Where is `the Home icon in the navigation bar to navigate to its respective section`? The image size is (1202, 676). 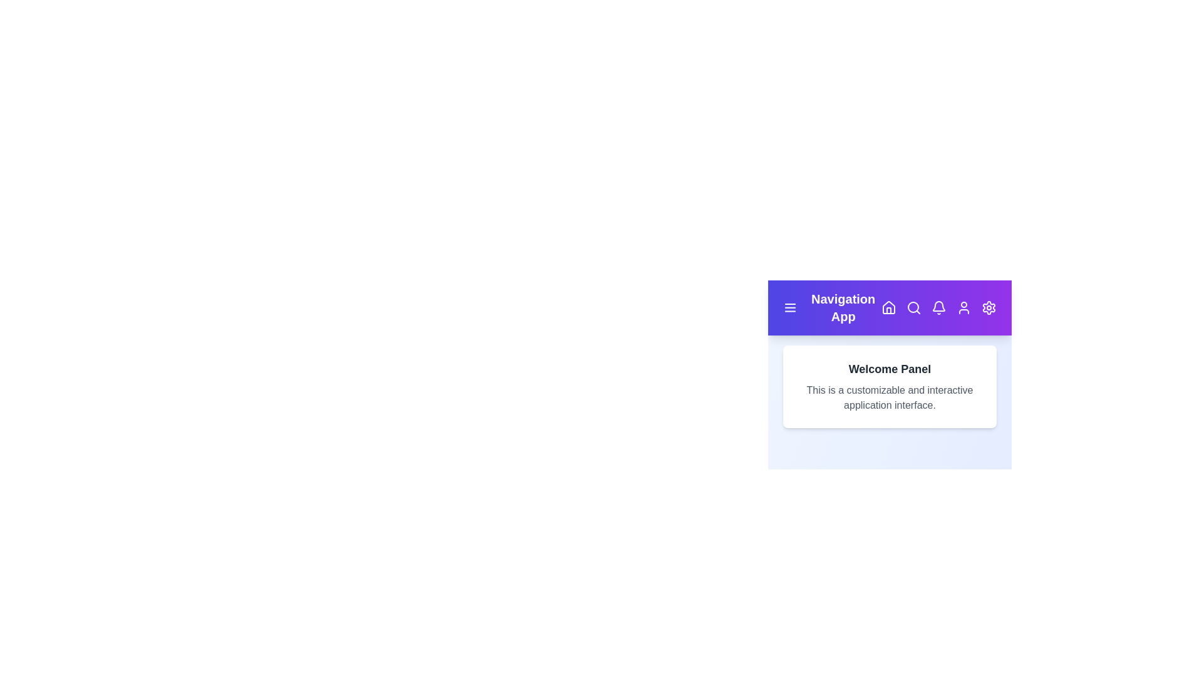
the Home icon in the navigation bar to navigate to its respective section is located at coordinates (888, 308).